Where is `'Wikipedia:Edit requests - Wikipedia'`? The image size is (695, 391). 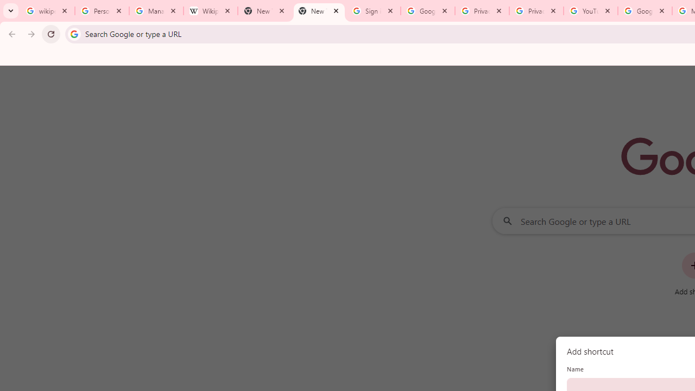
'Wikipedia:Edit requests - Wikipedia' is located at coordinates (210, 11).